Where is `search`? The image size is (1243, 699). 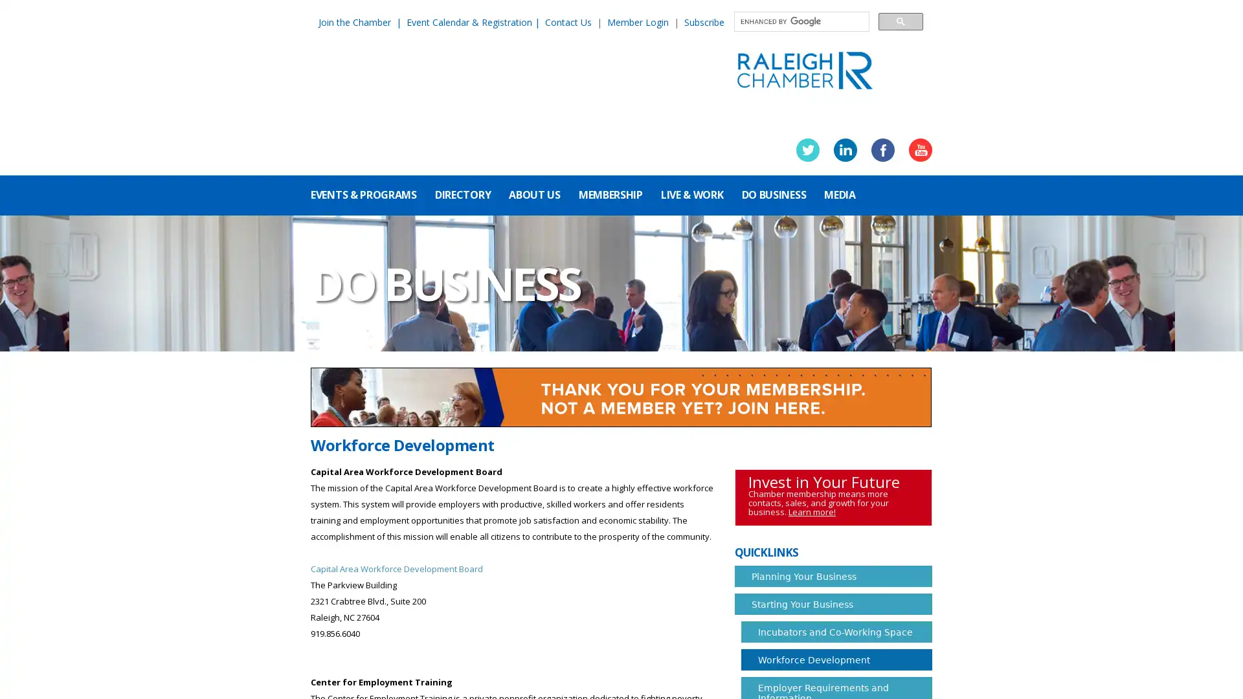 search is located at coordinates (900, 21).